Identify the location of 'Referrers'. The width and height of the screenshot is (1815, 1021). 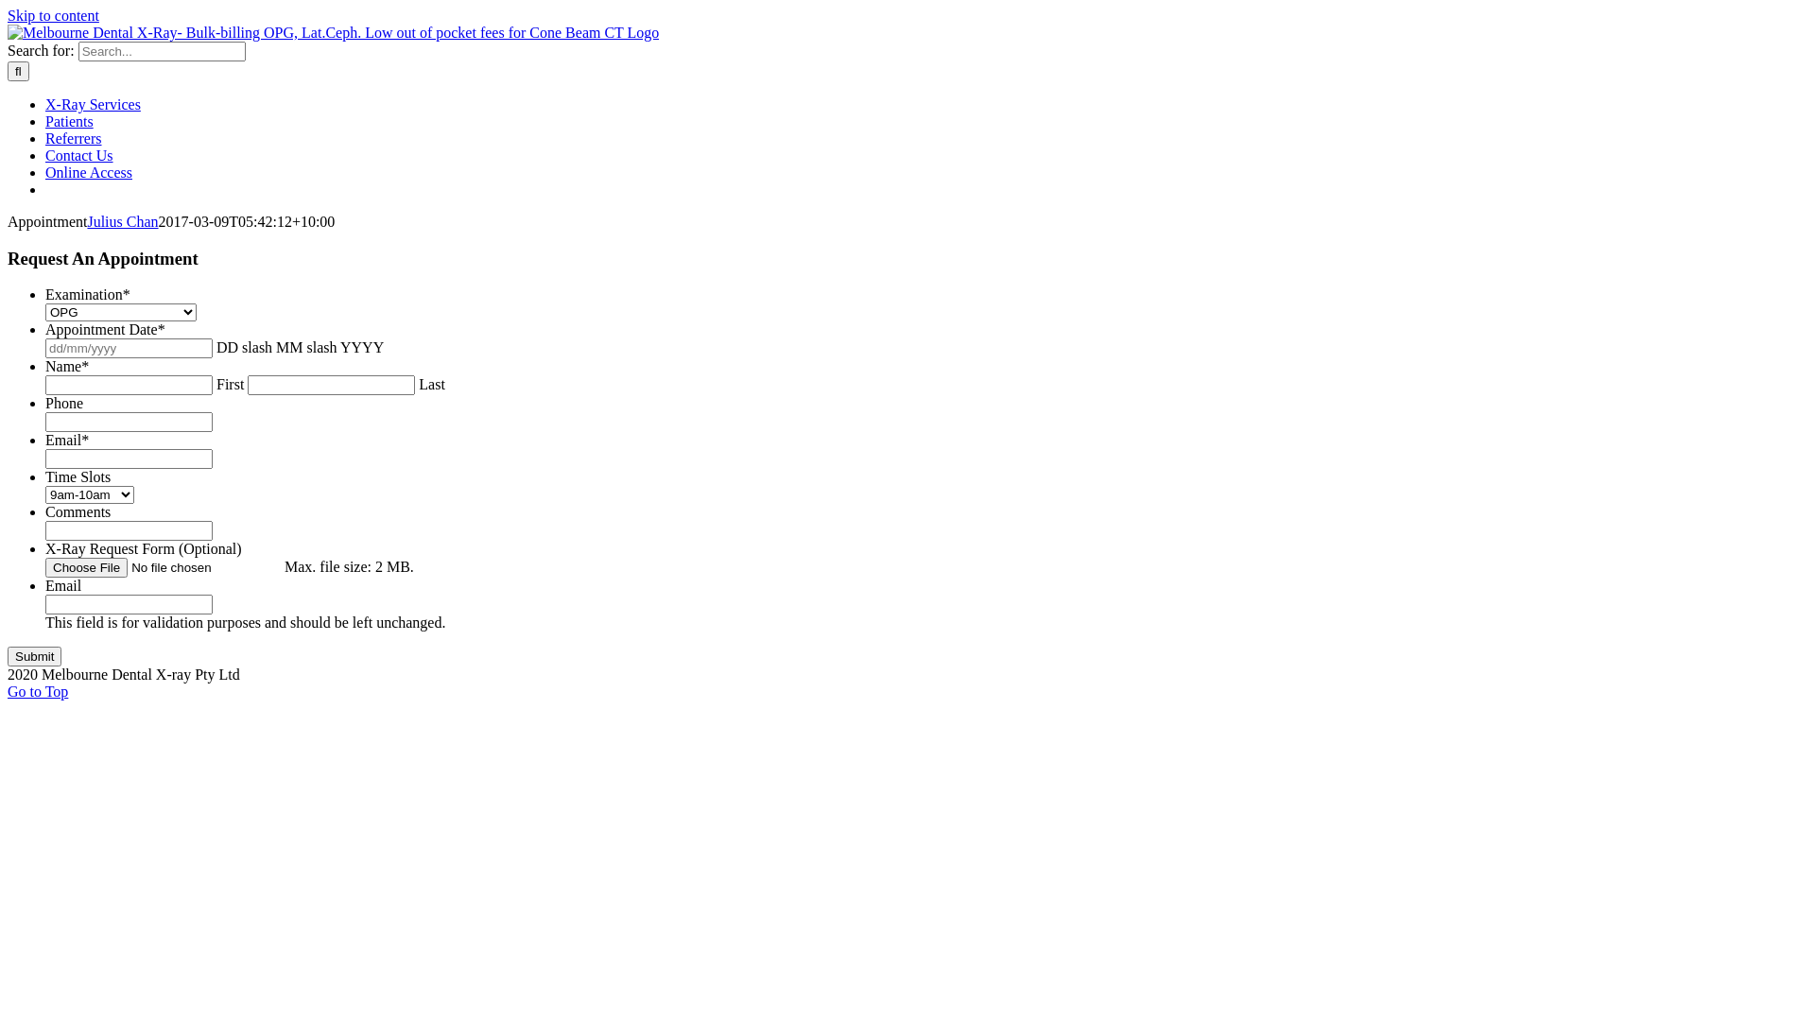
(73, 137).